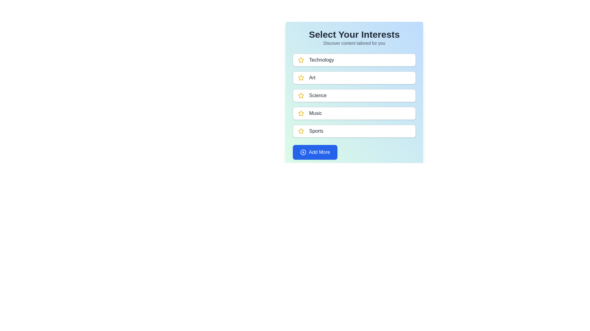  Describe the element at coordinates (315, 152) in the screenshot. I see `'Add More' button to add additional interests` at that location.